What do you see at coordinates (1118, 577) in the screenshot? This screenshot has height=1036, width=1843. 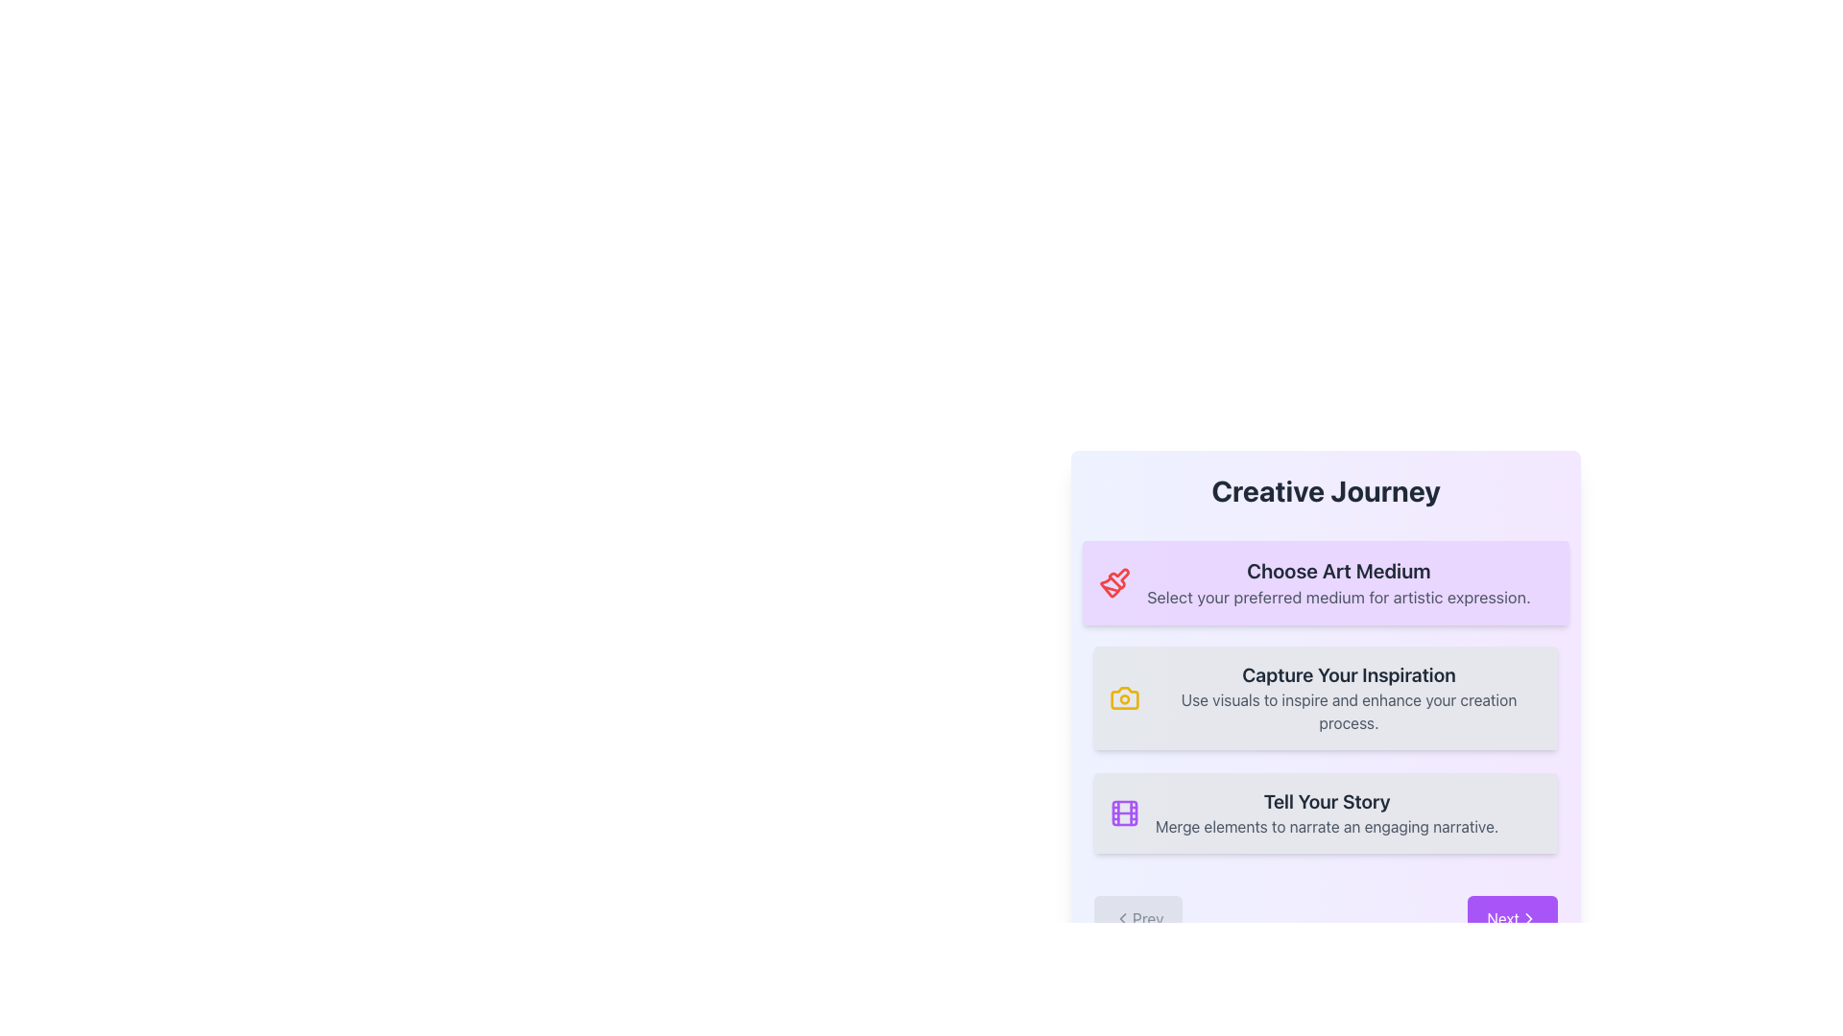 I see `the red stylized paintbrush icon located immediately to the left of the text 'Choose Art Medium' in the 'Creative Journey' section` at bounding box center [1118, 577].